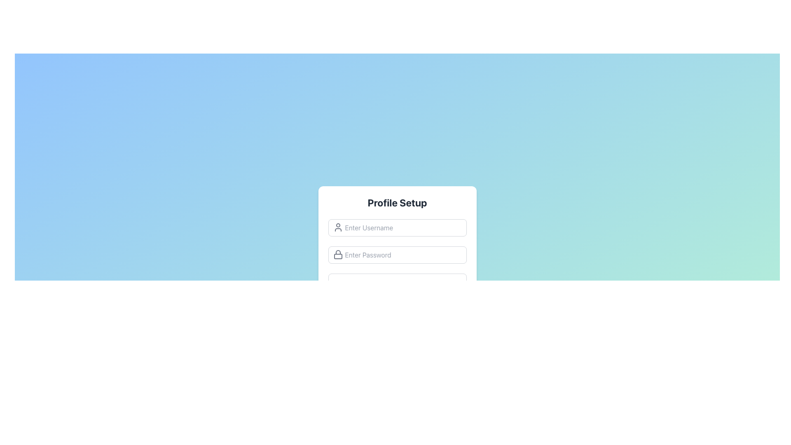 This screenshot has height=445, width=791. Describe the element at coordinates (338, 252) in the screenshot. I see `the decorative shackle element of the lock icon located to the left of the 'Enter Password' text input field in the 'Profile Setup' form` at that location.